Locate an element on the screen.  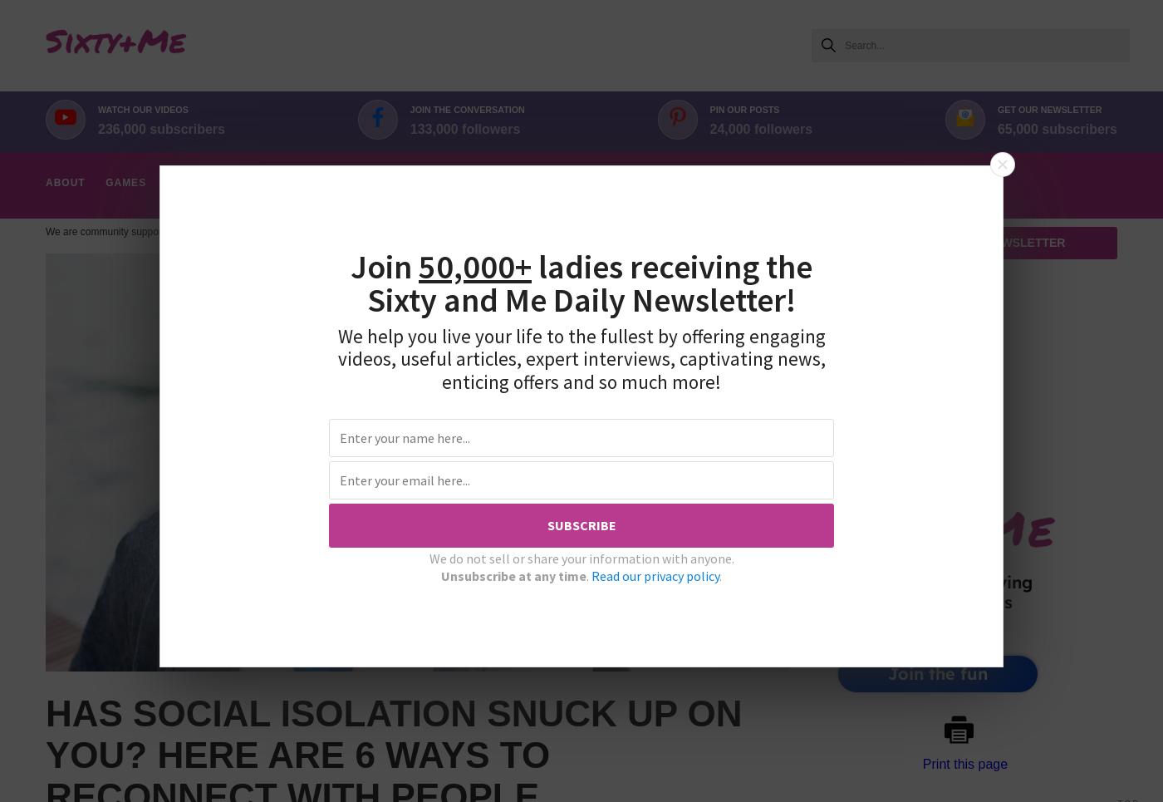
'Join the conversation' is located at coordinates (409, 110).